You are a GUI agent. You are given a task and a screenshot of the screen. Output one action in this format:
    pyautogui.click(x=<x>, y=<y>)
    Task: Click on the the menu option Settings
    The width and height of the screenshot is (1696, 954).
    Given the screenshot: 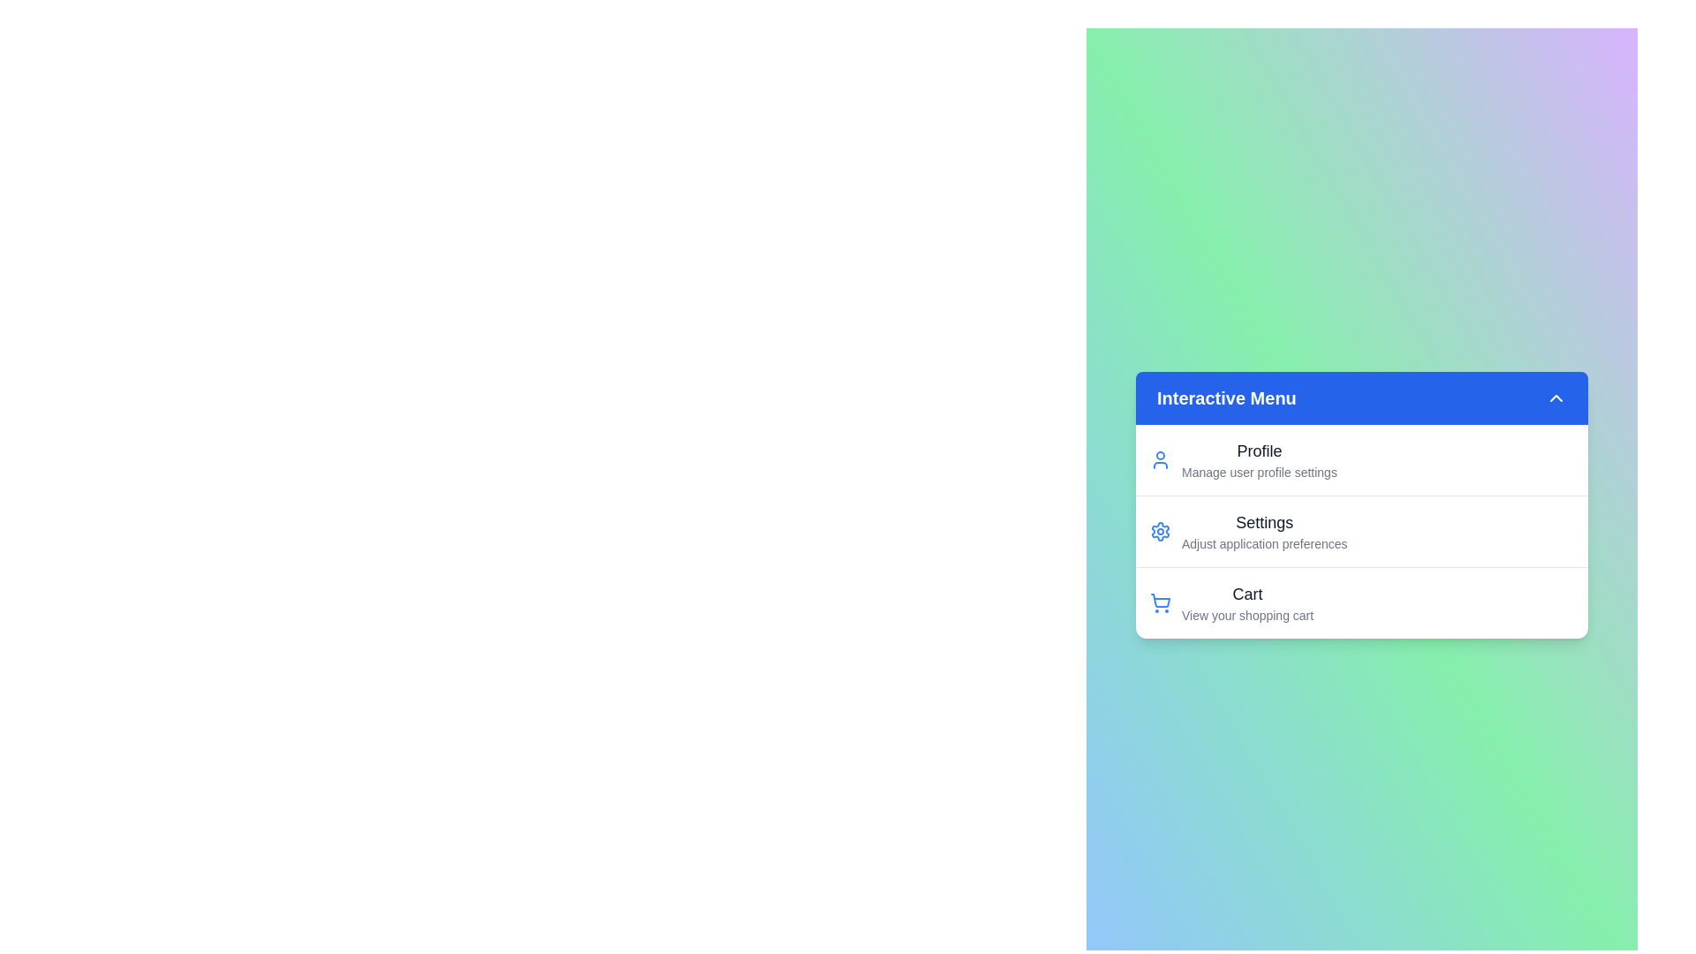 What is the action you would take?
    pyautogui.click(x=1245, y=530)
    